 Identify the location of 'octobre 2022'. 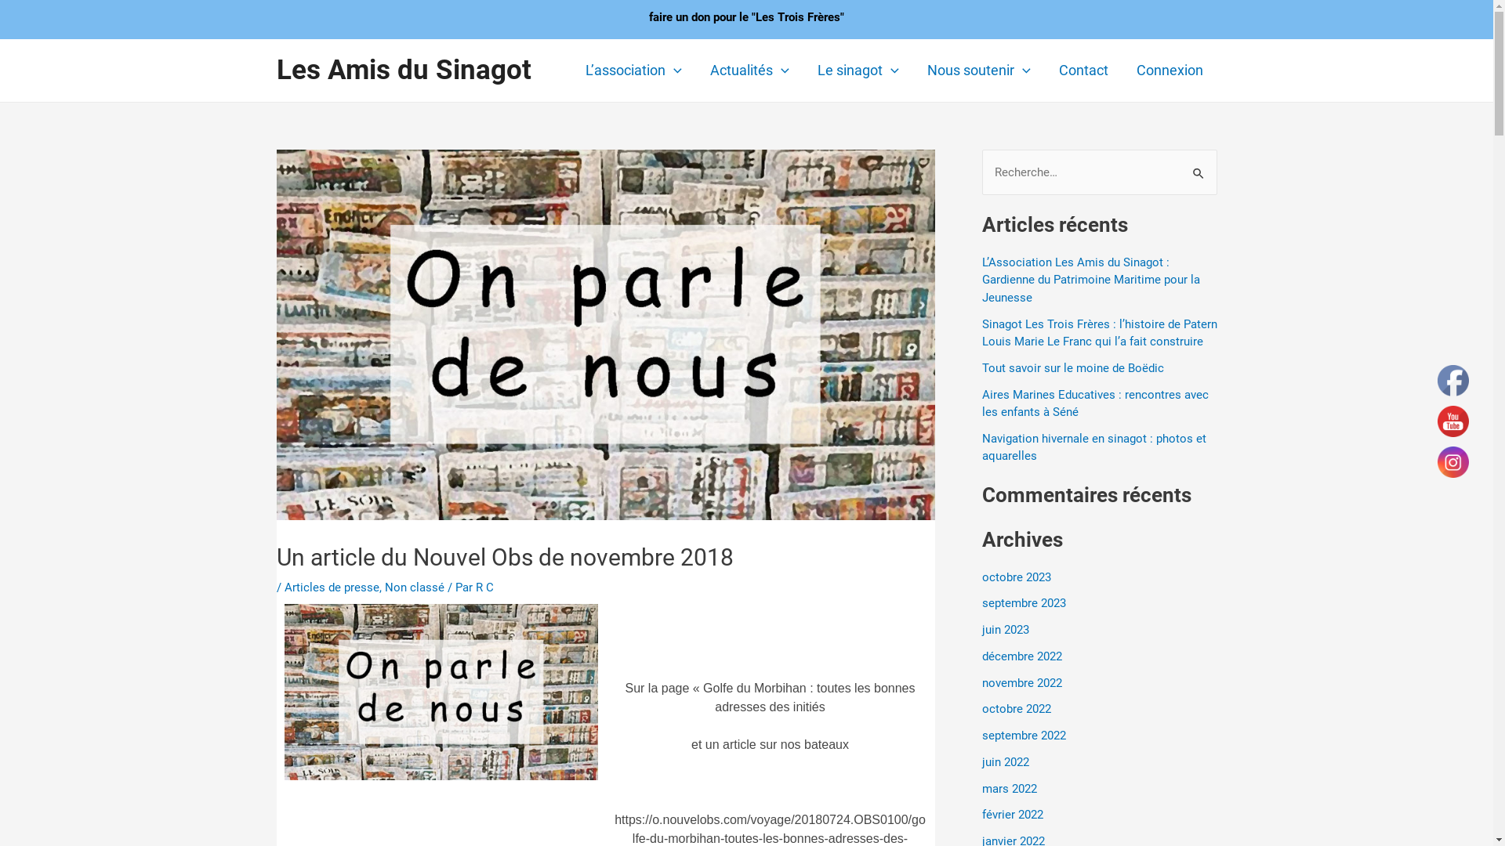
(1016, 709).